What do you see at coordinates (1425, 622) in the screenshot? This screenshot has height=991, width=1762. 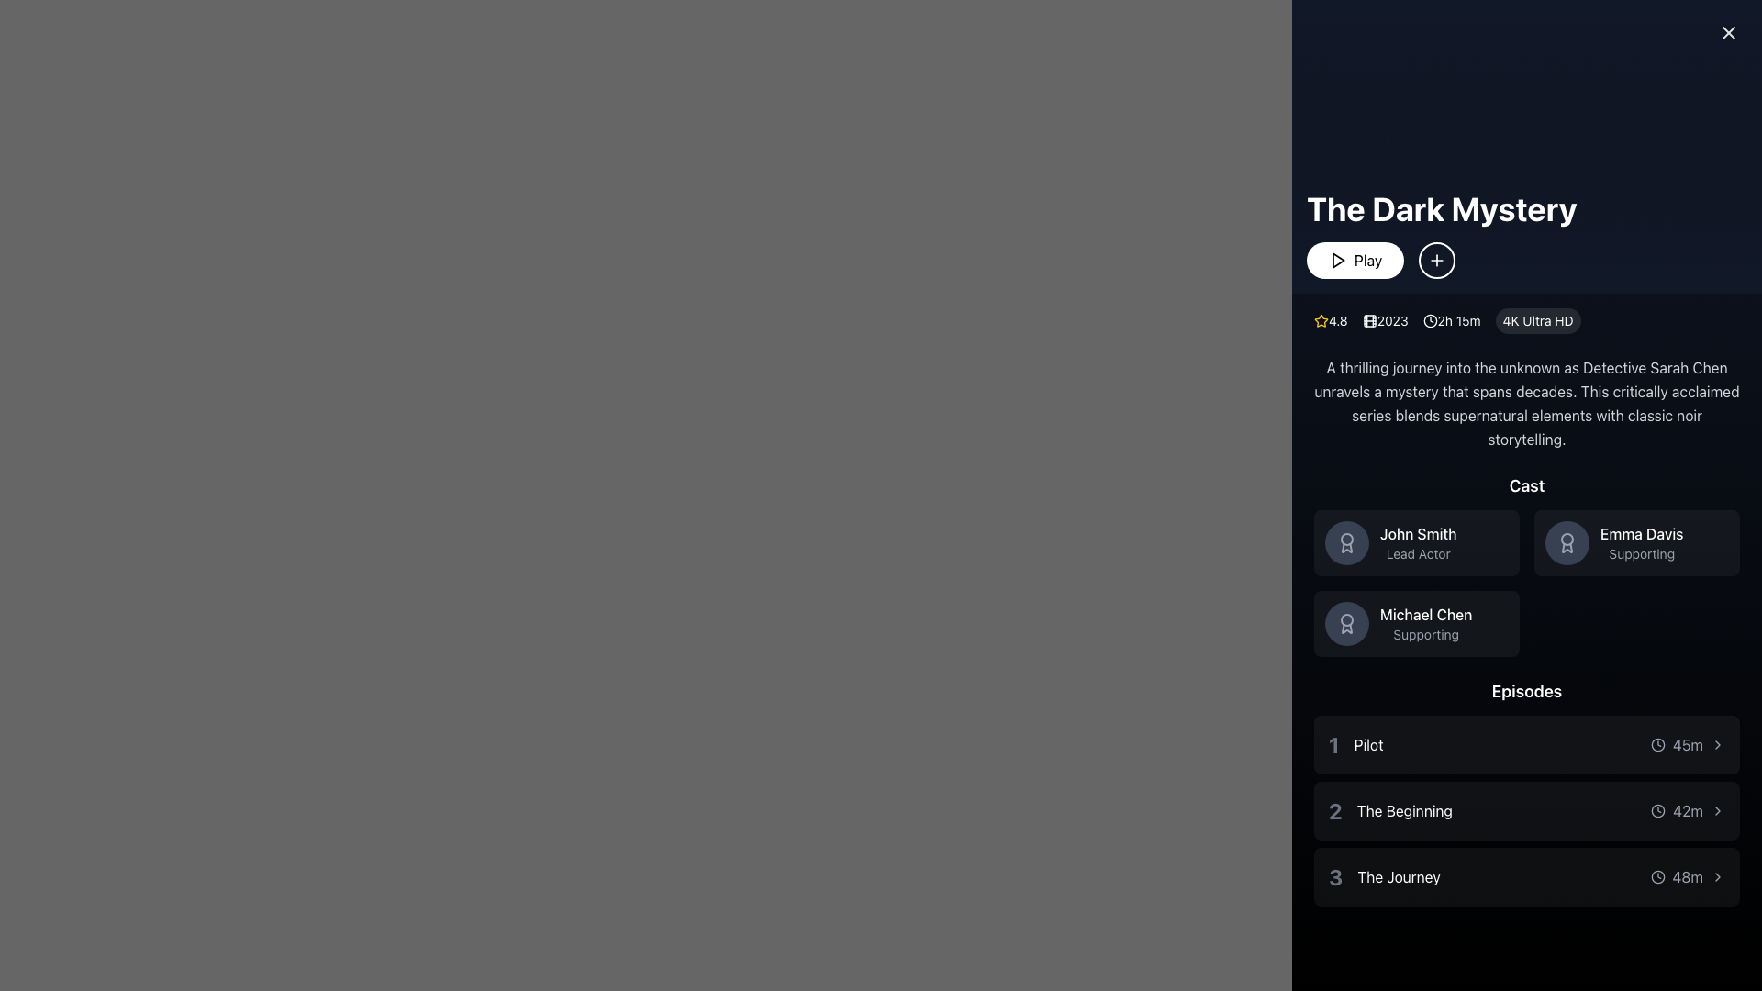 I see `the Text Display element that shows the name 'Michael Chen' and the role 'Supporting' in the 'Cast' section` at bounding box center [1425, 622].